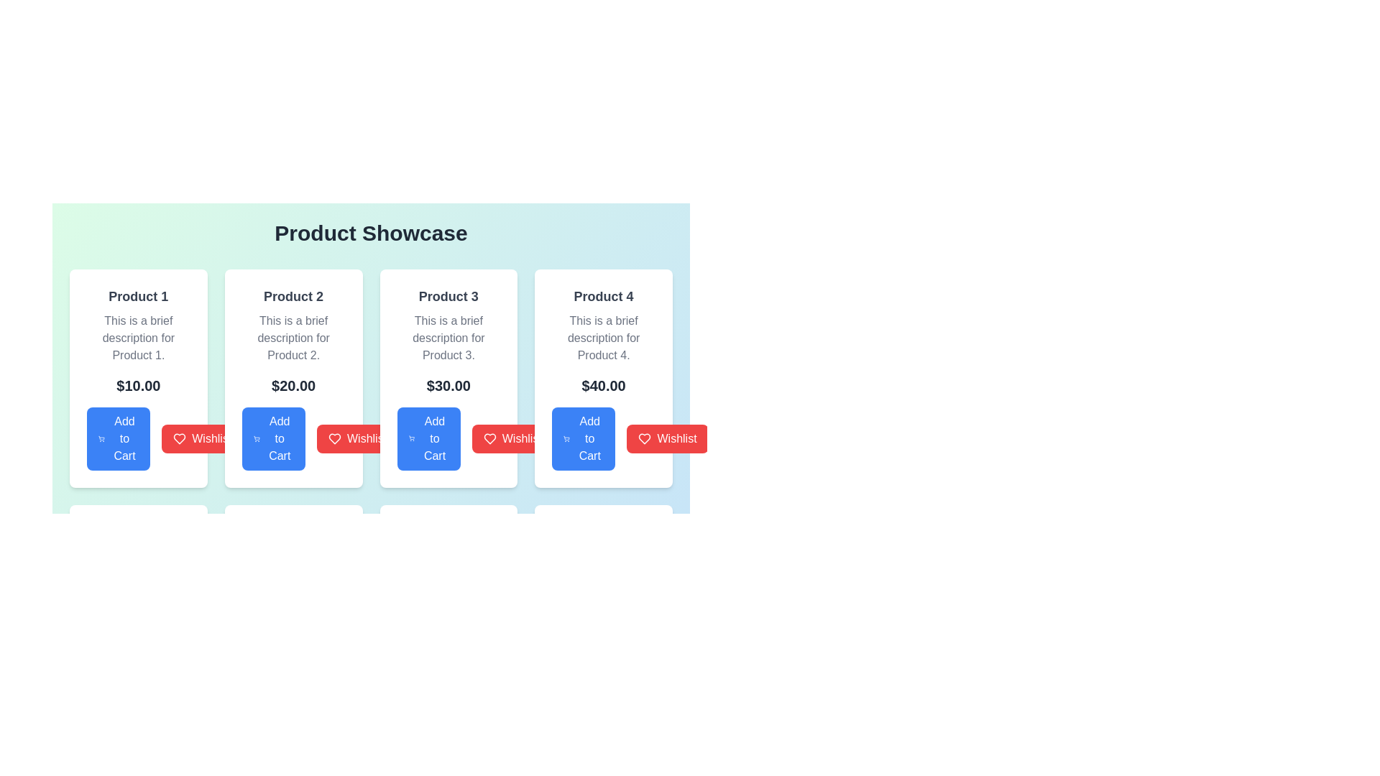 The height and width of the screenshot is (776, 1380). I want to click on the Text label for 'Product 1', which serves as the title and is positioned at the top of the card layout, directly above the description and price text, so click(138, 295).